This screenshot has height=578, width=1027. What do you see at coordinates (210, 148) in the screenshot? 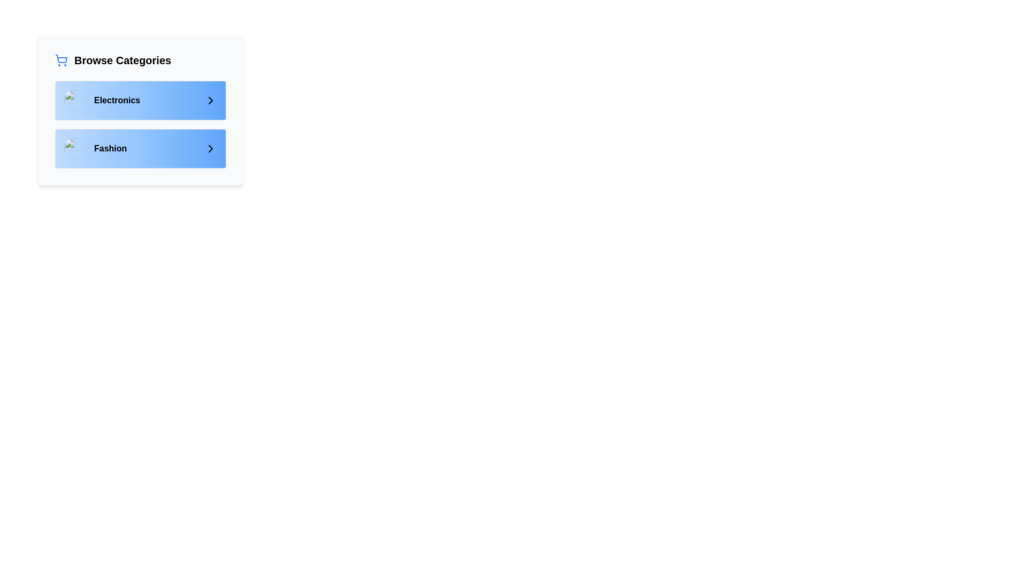
I see `the chevron icon` at bounding box center [210, 148].